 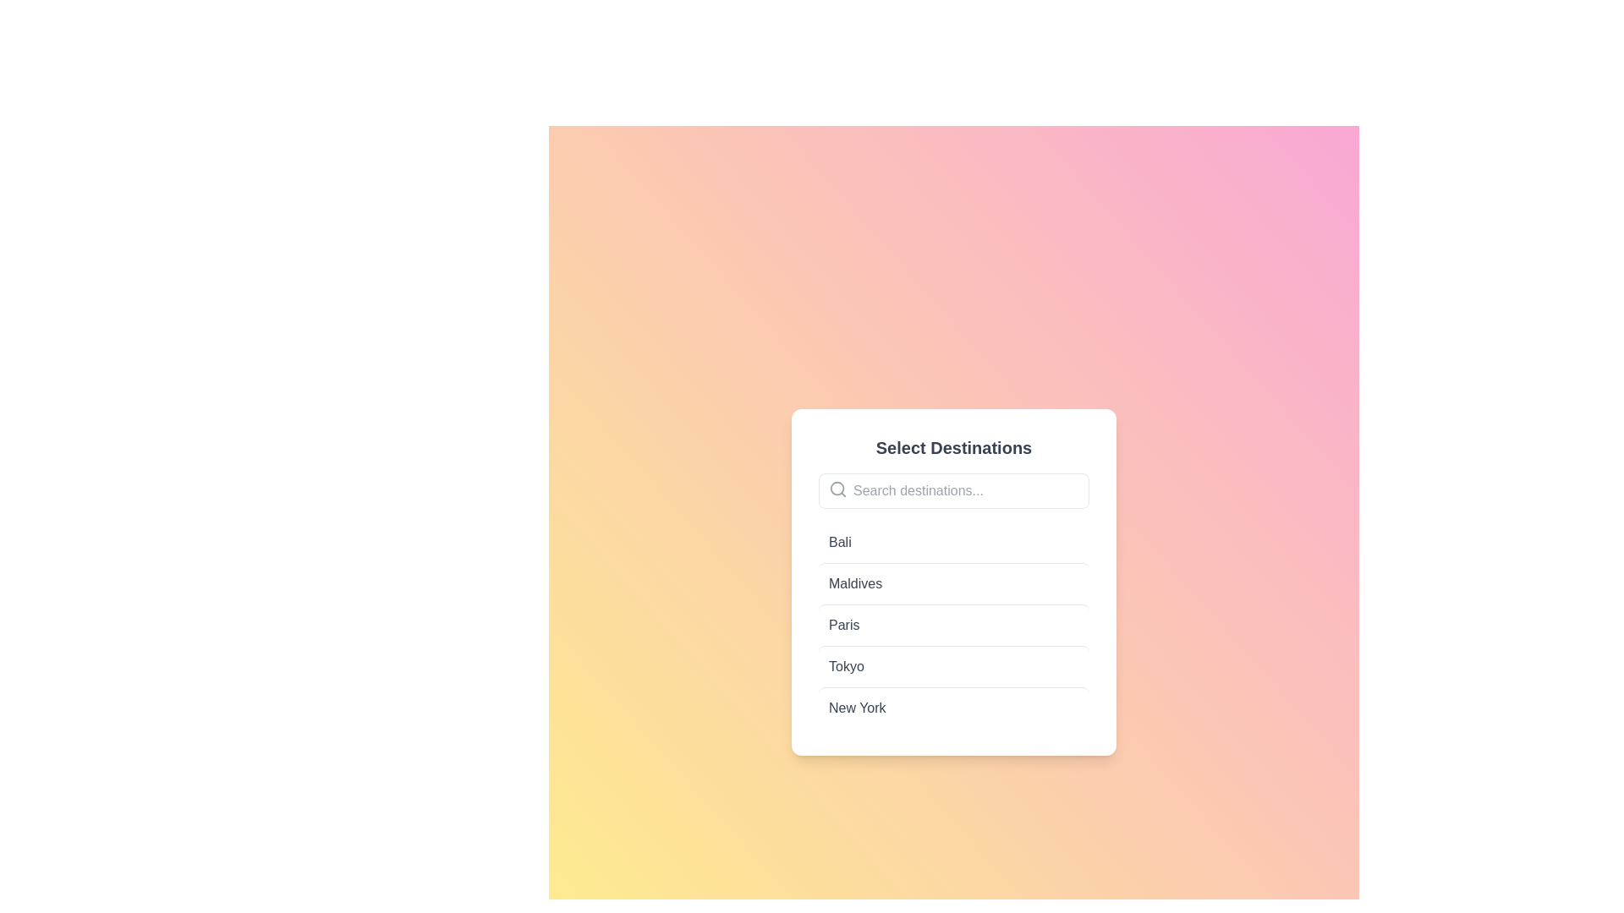 What do you see at coordinates (857, 708) in the screenshot?
I see `the static placement of the 'New York' selectable option within the dropdown menu, which is the last item in the vertical stack of options` at bounding box center [857, 708].